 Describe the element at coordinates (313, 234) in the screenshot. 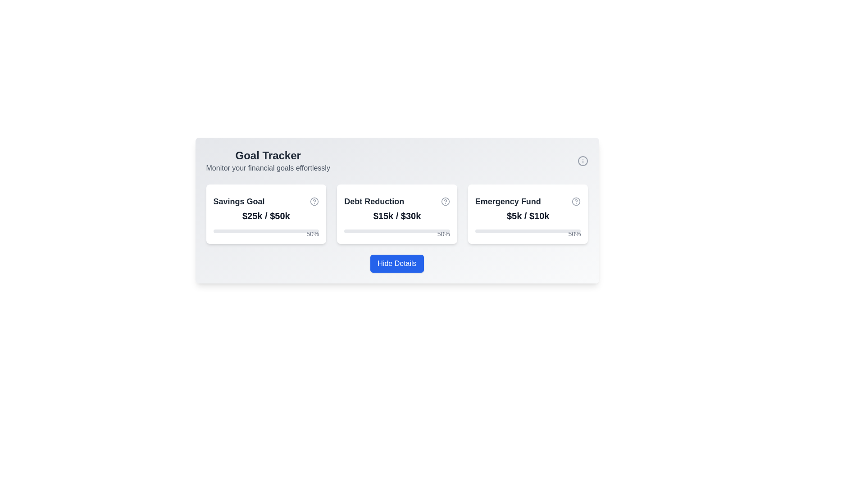

I see `the text label displaying '50%' in gray color, located at the top-right corner of the 'Savings Goal' card in the 'Goal Tracker' interface` at that location.